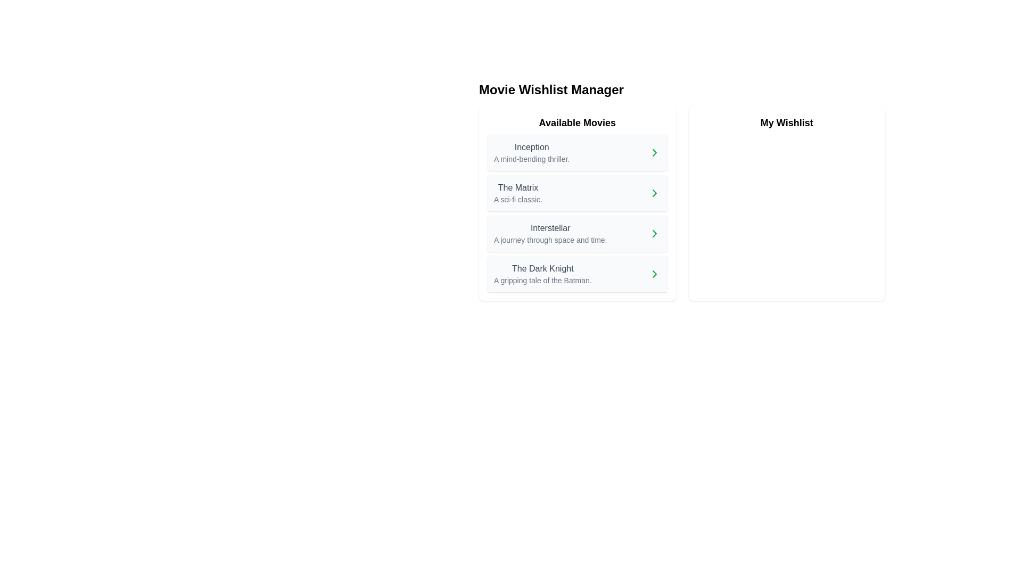 Image resolution: width=1022 pixels, height=575 pixels. Describe the element at coordinates (542, 274) in the screenshot. I see `the title and subtitle text block of the movie entry 'The Dark Knight' located in the fourth row of the 'Available Movies' list` at that location.